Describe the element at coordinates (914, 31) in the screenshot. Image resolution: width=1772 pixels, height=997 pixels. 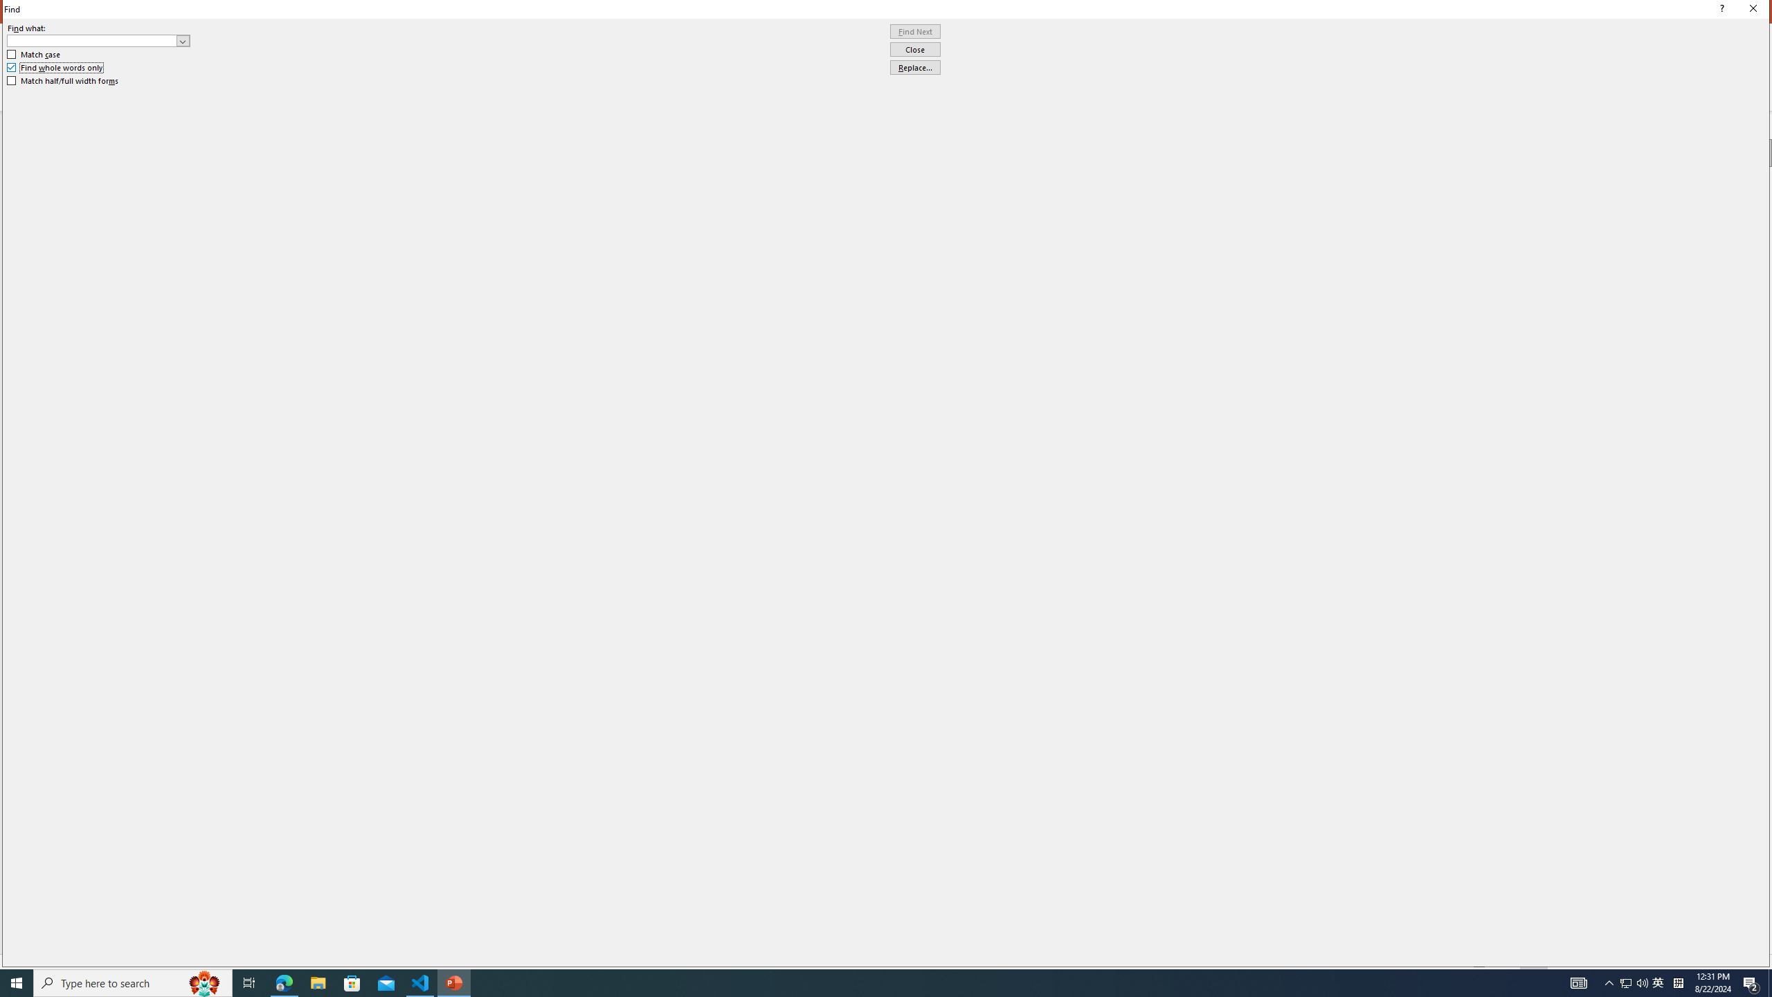
I see `'Find Next'` at that location.